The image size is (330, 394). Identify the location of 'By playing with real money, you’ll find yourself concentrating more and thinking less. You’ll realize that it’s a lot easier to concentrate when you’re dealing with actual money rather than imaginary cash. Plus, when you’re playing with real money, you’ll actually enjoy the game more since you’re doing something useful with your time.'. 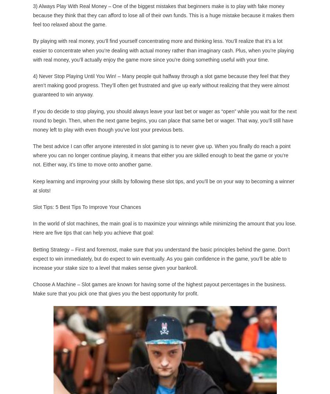
(163, 49).